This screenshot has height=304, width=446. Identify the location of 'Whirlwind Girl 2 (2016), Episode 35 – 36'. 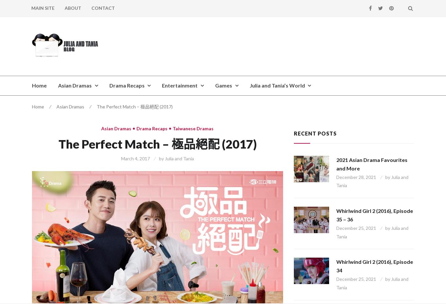
(374, 215).